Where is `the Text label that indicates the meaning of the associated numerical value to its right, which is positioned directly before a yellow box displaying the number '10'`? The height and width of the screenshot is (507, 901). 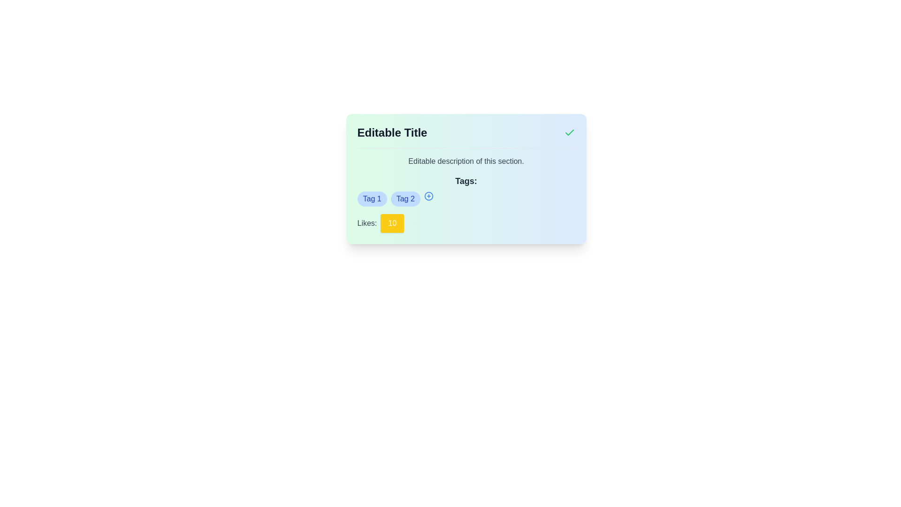 the Text label that indicates the meaning of the associated numerical value to its right, which is positioned directly before a yellow box displaying the number '10' is located at coordinates (367, 223).